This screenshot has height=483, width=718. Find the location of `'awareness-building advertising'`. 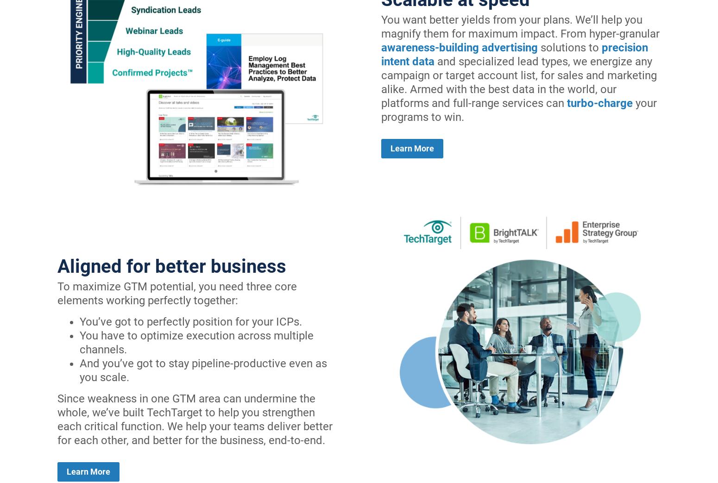

'awareness-building advertising' is located at coordinates (459, 48).